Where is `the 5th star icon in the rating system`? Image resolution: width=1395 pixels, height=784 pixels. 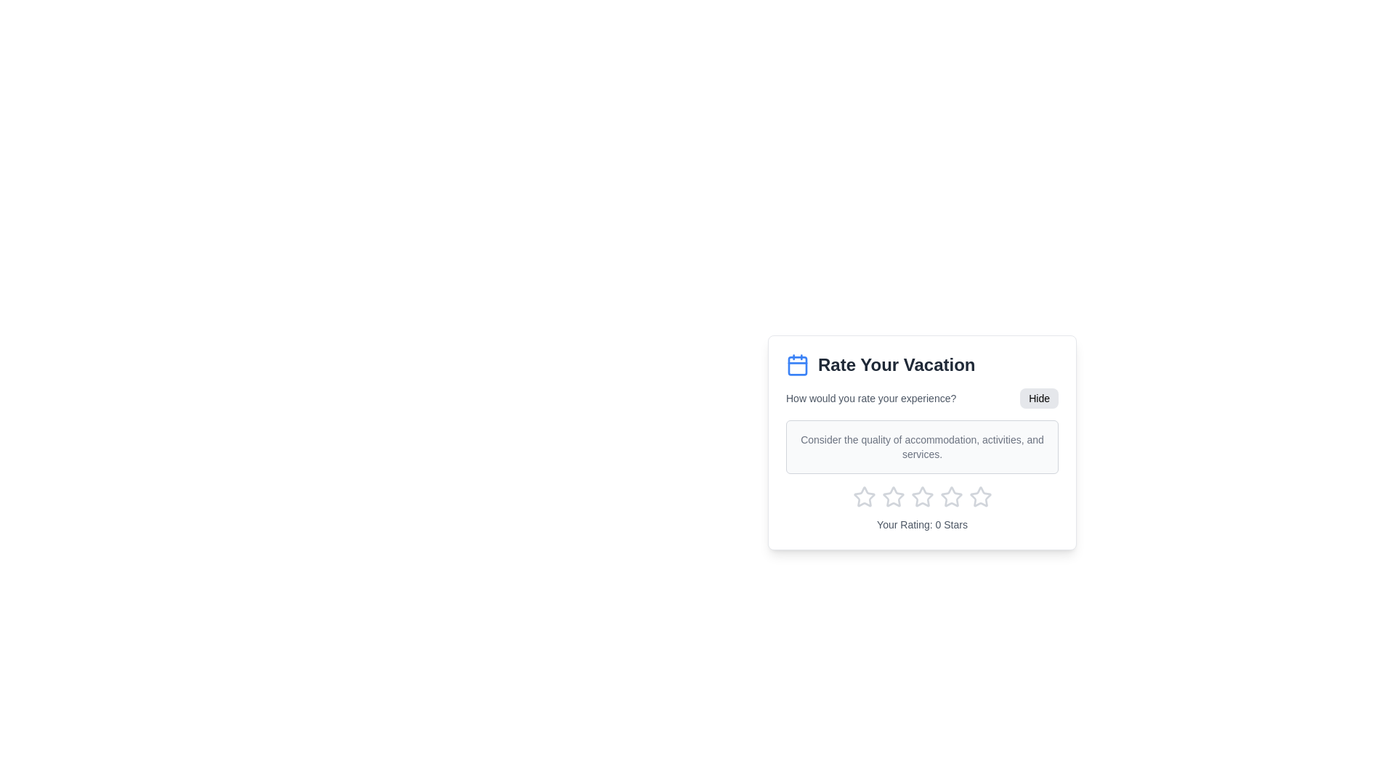 the 5th star icon in the rating system is located at coordinates (980, 497).